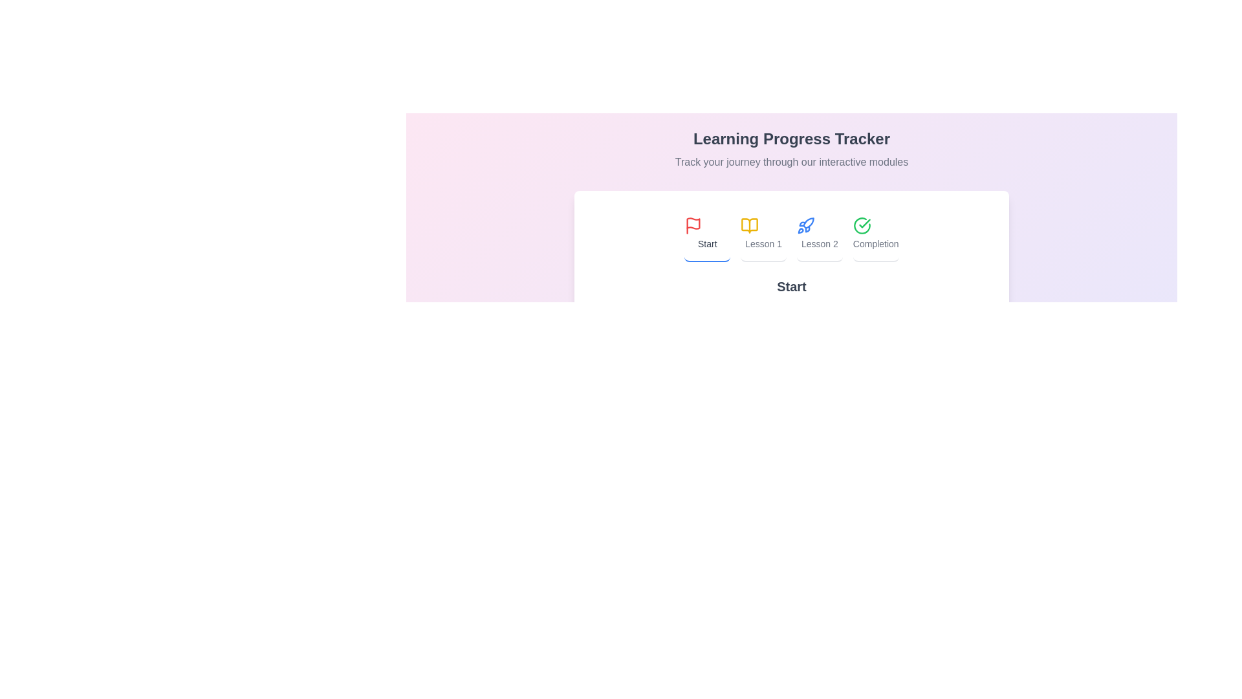 This screenshot has width=1242, height=699. I want to click on the Lesson 2 button to observe its hover effect, so click(819, 234).